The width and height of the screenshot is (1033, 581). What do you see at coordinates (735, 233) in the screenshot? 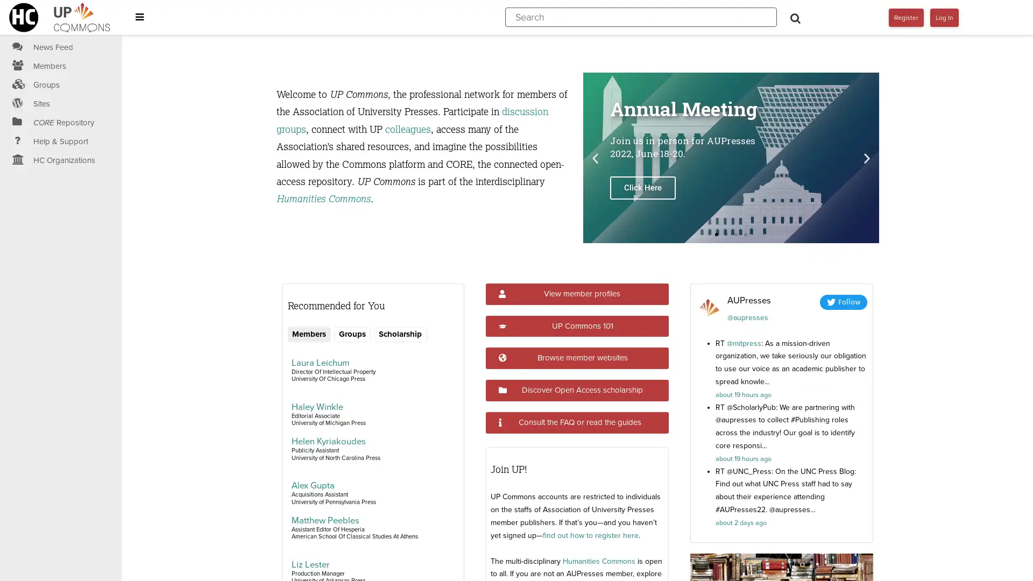
I see `Go to slide 3` at bounding box center [735, 233].